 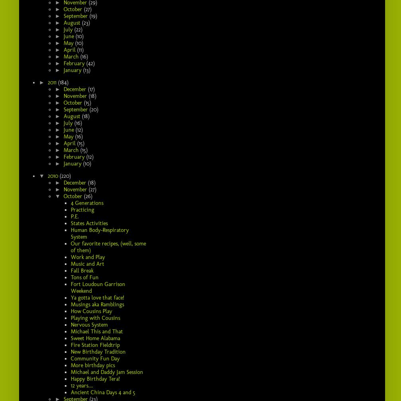 What do you see at coordinates (93, 109) in the screenshot?
I see `'(20)'` at bounding box center [93, 109].